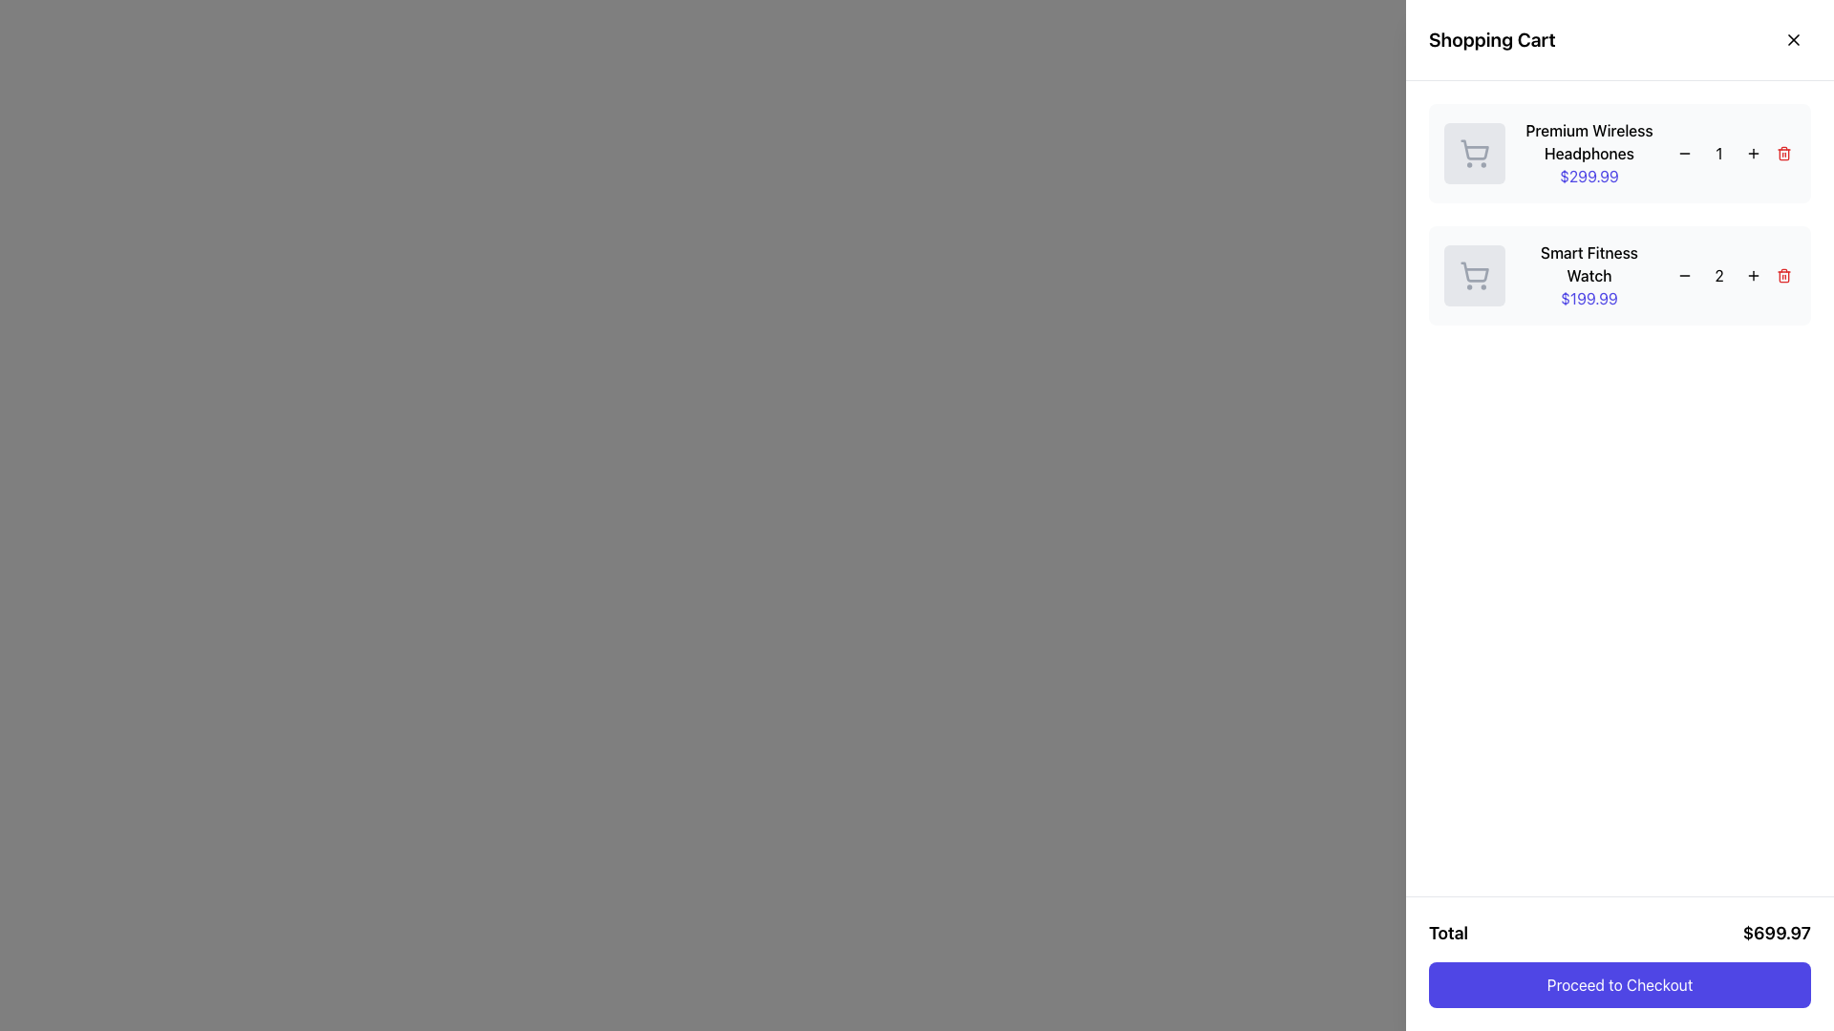 The image size is (1834, 1031). What do you see at coordinates (1684, 276) in the screenshot?
I see `the small interactive button with a minus icon located to the left of the quantity indicator '2' for the 'Smart Fitness Watch' item in the shopping cart interface` at bounding box center [1684, 276].